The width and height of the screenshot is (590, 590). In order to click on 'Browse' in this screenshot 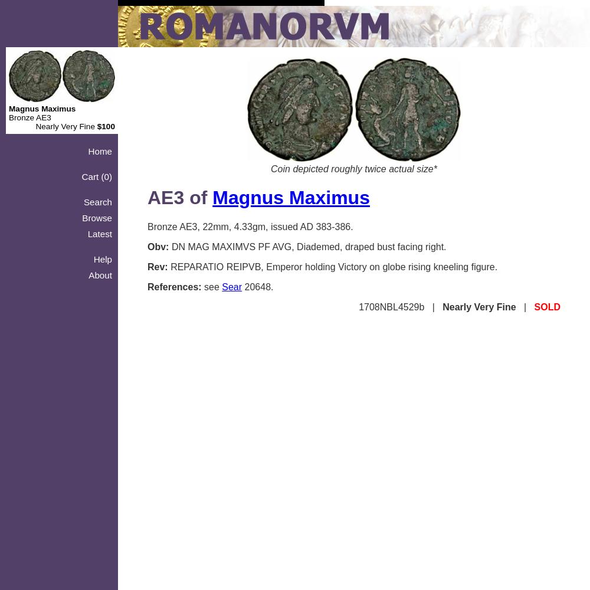, I will do `click(97, 217)`.